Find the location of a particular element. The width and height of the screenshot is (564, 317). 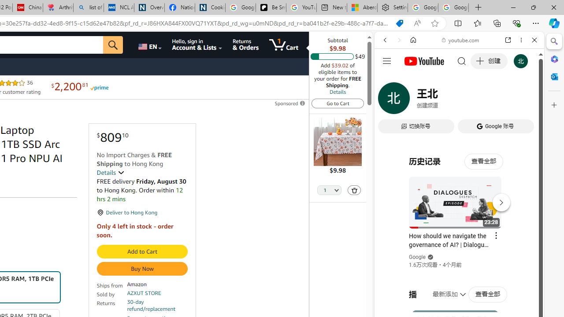

'Quantity Selector' is located at coordinates (329, 190).